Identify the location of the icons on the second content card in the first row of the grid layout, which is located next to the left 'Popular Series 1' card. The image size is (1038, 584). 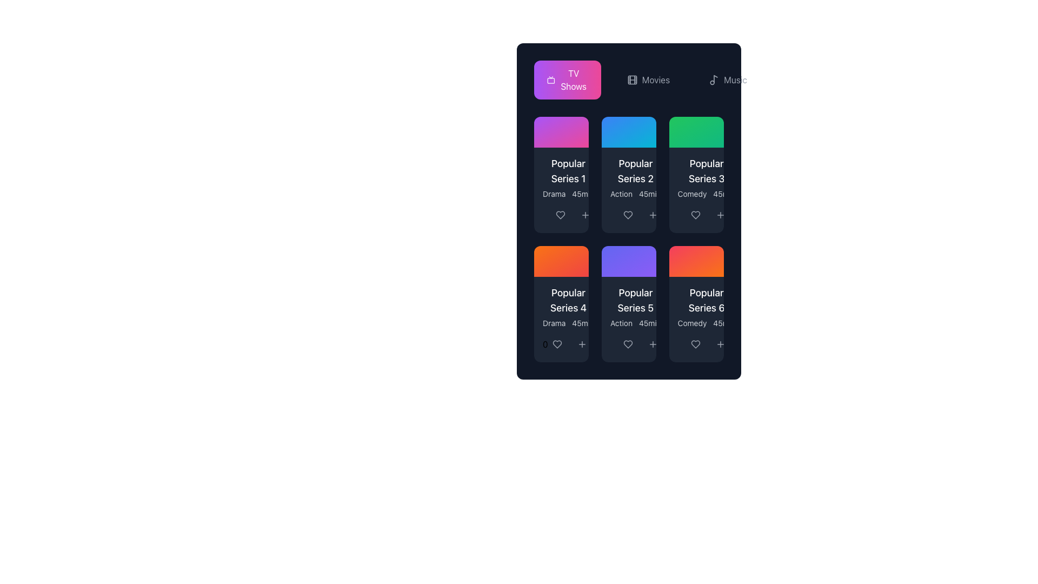
(629, 174).